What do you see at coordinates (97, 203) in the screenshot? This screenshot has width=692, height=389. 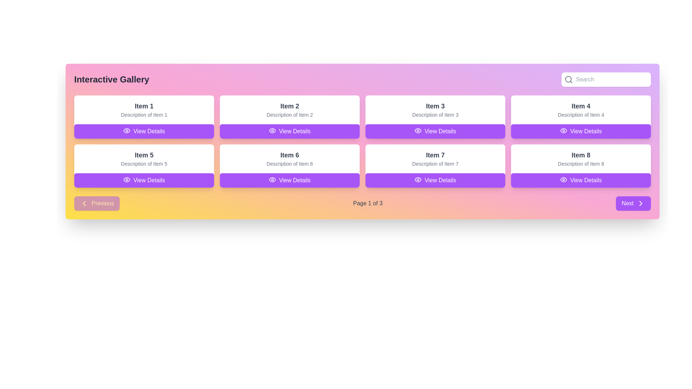 I see `the 'Previous' button, which is a rectangular button with a purple background and white text, located at the bottom-left corner of the interface` at bounding box center [97, 203].